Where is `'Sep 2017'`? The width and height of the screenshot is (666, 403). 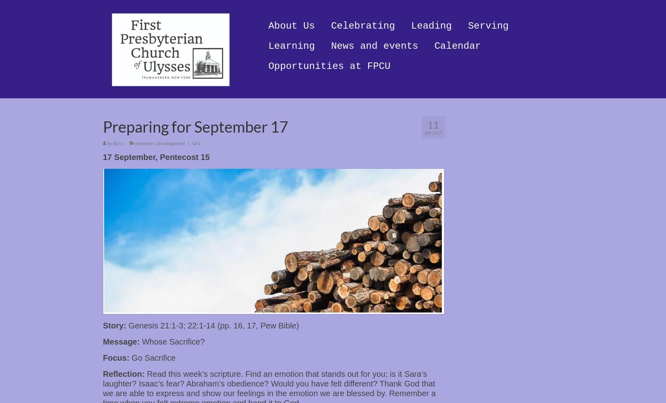
'Sep 2017' is located at coordinates (433, 132).